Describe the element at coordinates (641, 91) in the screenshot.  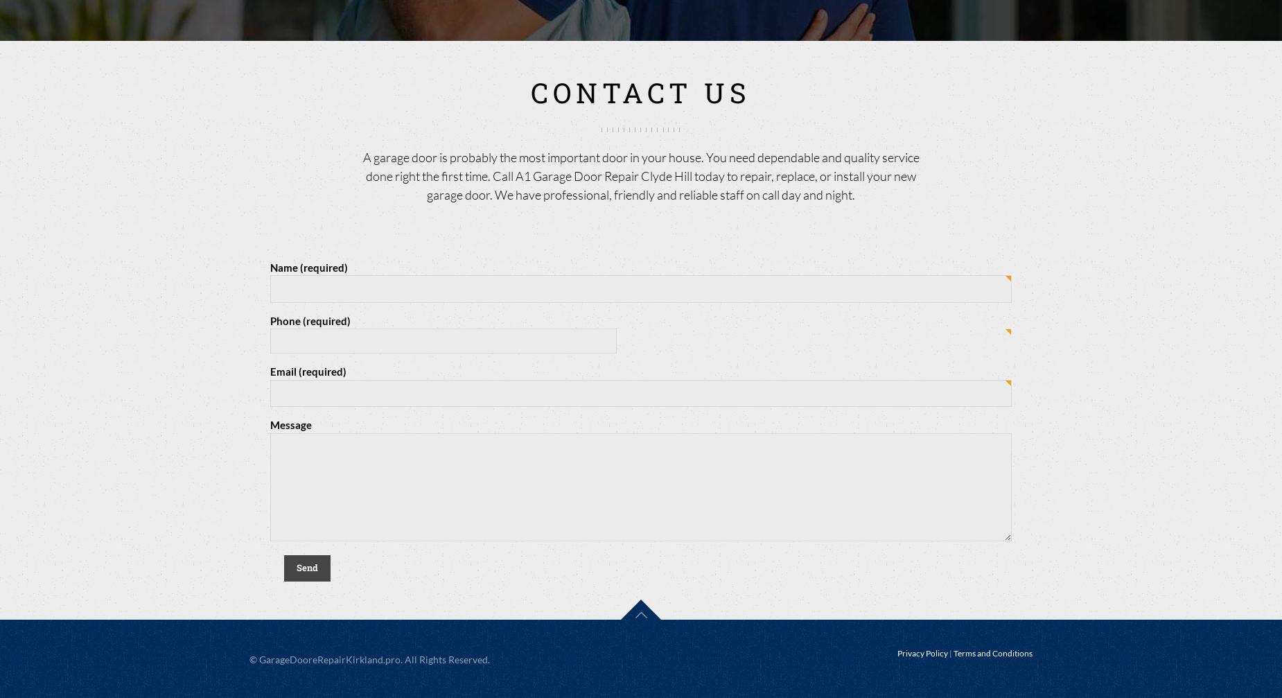
I see `'CONTACT US'` at that location.